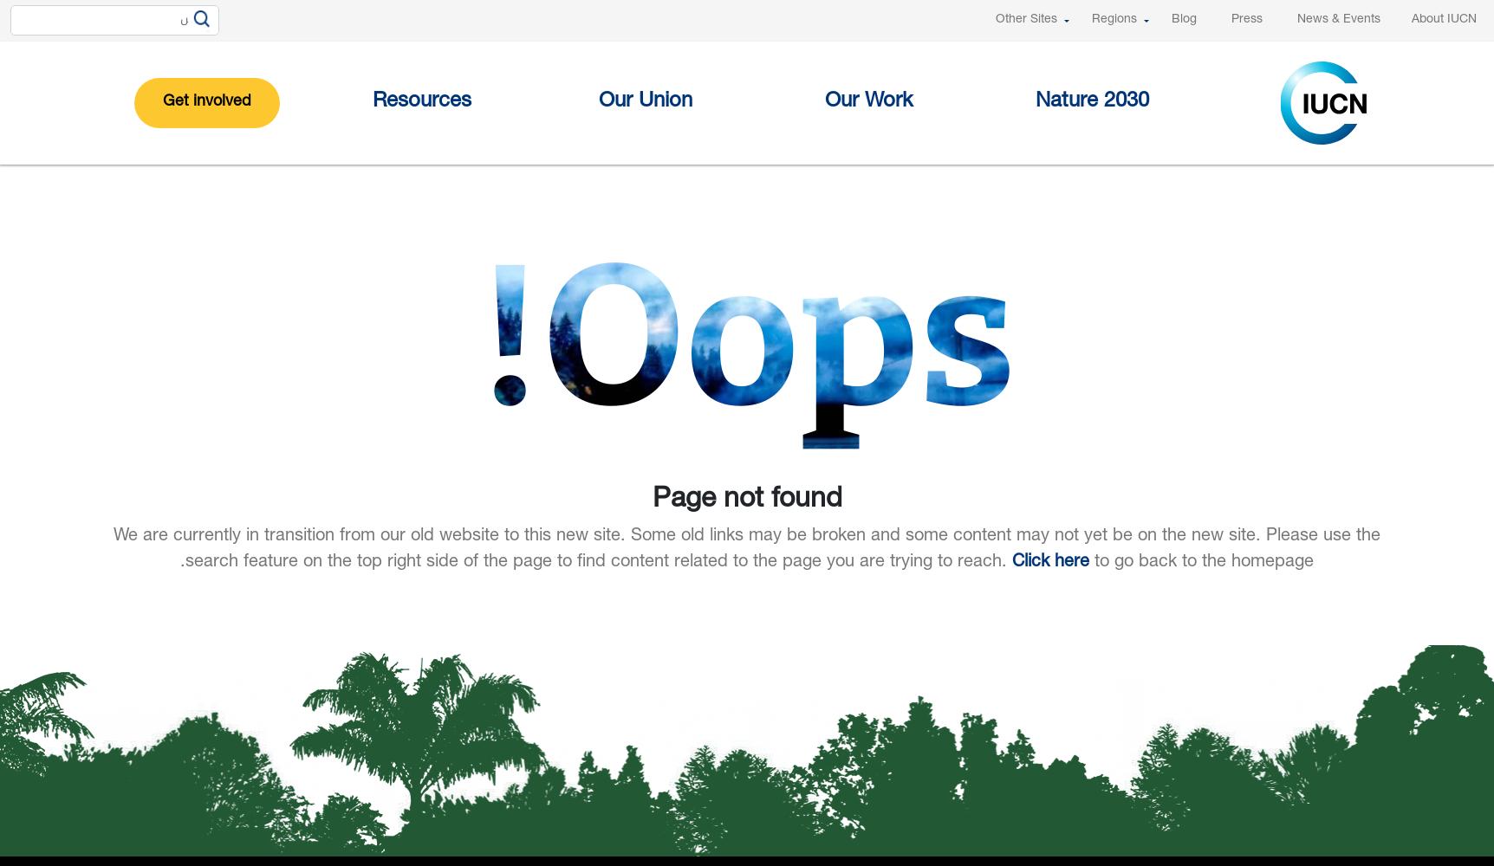 This screenshot has width=1494, height=866. What do you see at coordinates (613, 303) in the screenshot?
I see `'Climate'` at bounding box center [613, 303].